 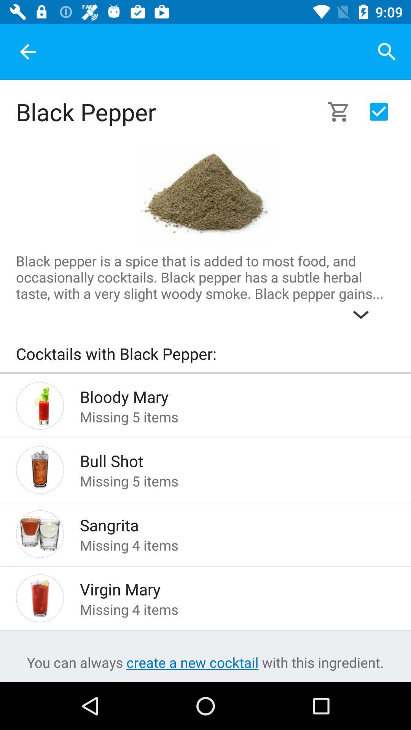 I want to click on the bull shot icon, so click(x=225, y=458).